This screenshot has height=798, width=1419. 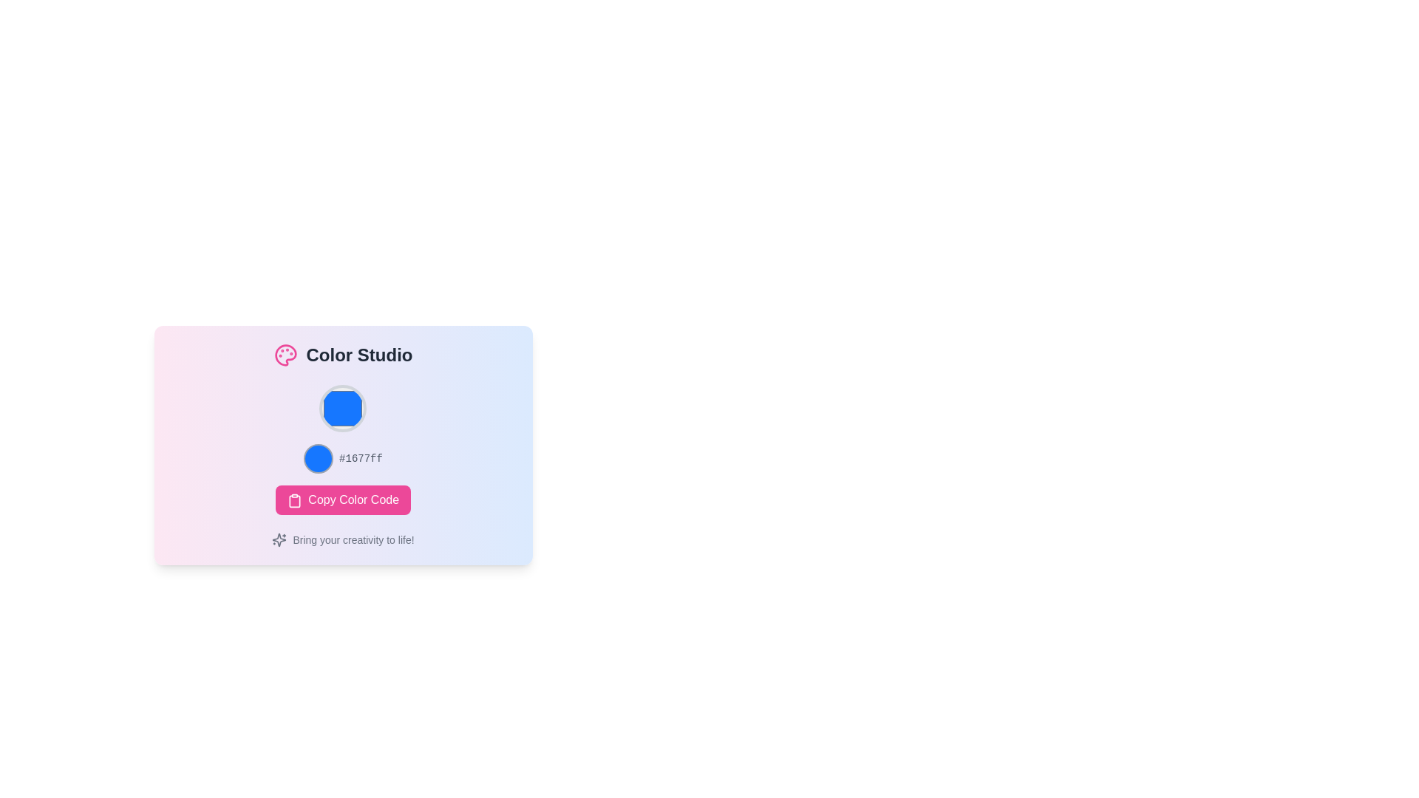 What do you see at coordinates (279, 540) in the screenshot?
I see `the sparkle icon located in the bottom part of the 'Color Studio' card, positioned to the left of the text 'Bring your creativity to life!'` at bounding box center [279, 540].